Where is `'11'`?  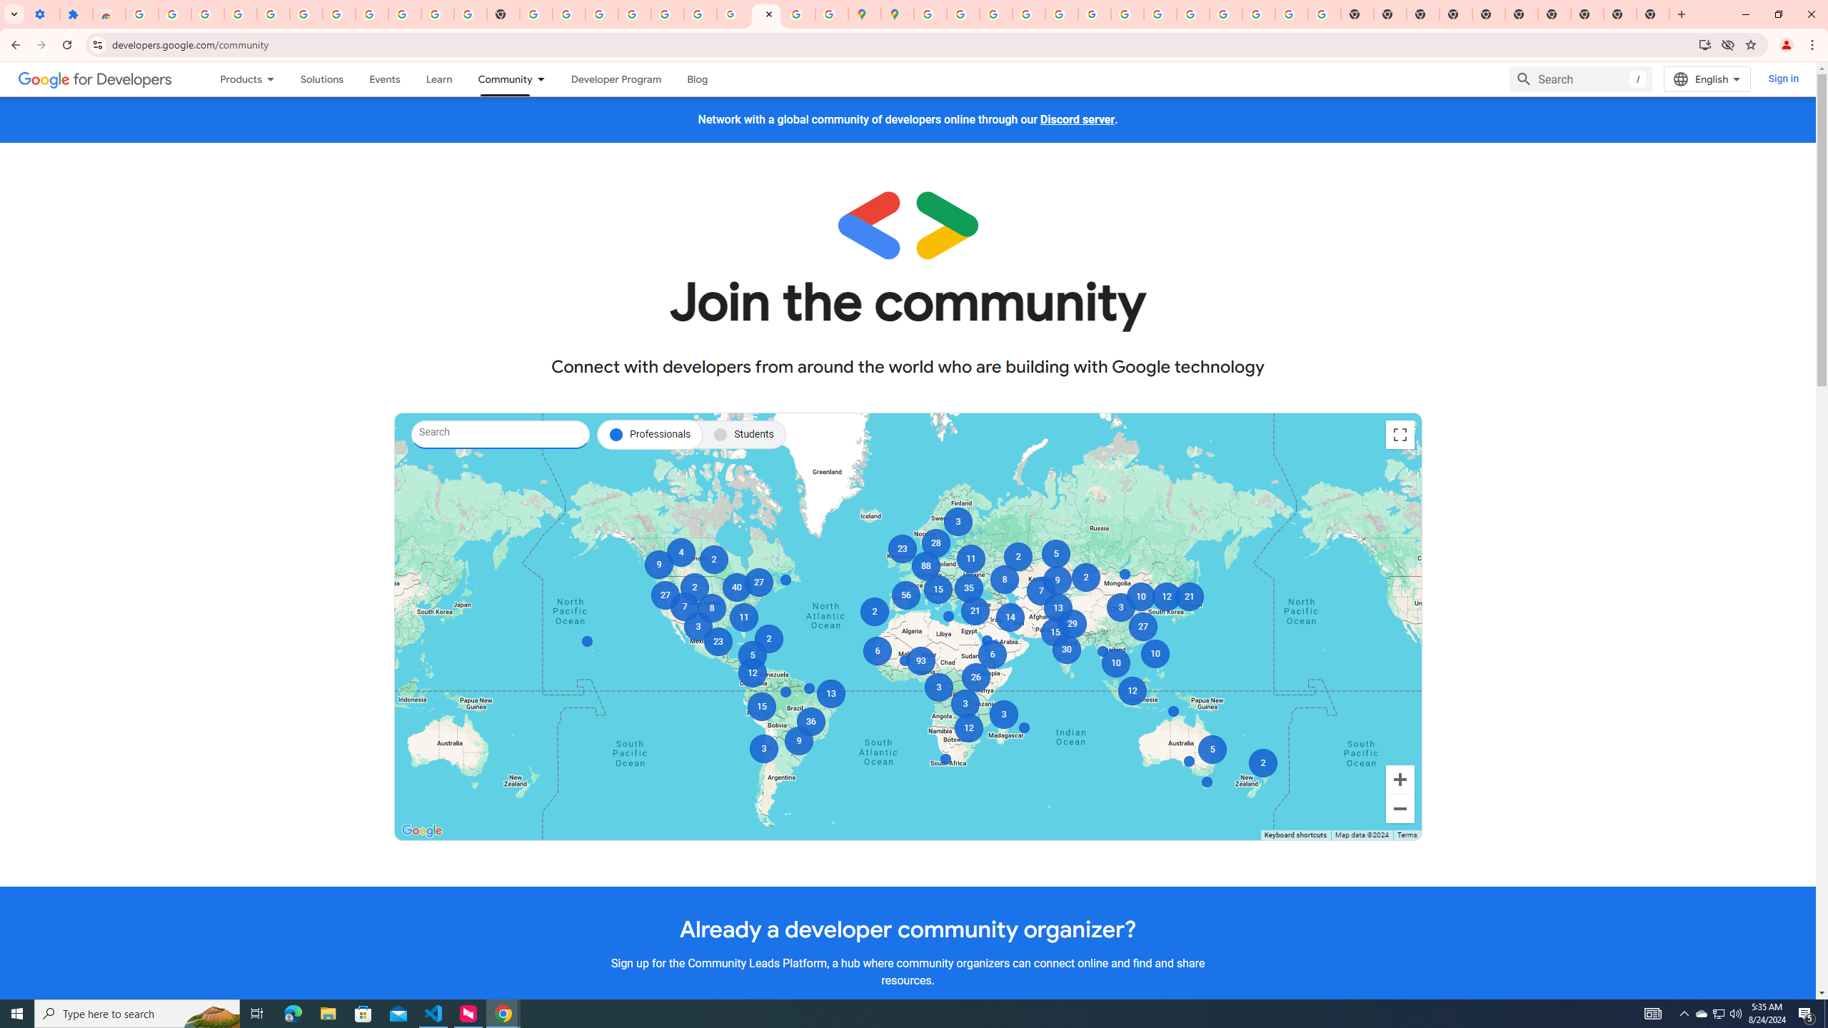
'11' is located at coordinates (743, 618).